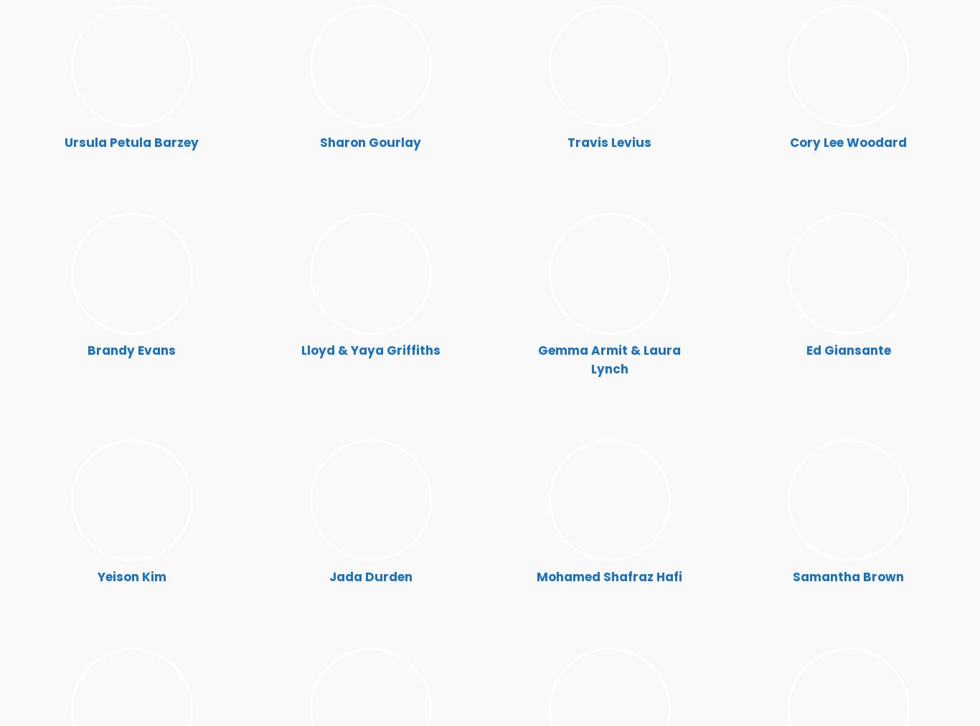  What do you see at coordinates (86, 349) in the screenshot?
I see `'Brandy Evans'` at bounding box center [86, 349].